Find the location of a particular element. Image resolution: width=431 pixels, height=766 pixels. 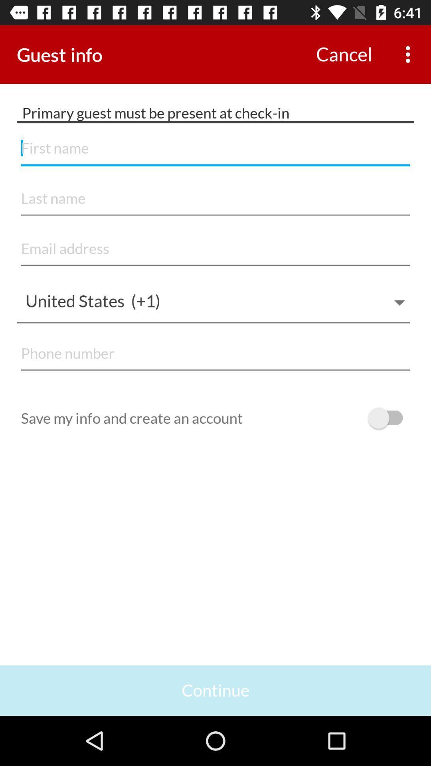

email adress is located at coordinates (215, 249).